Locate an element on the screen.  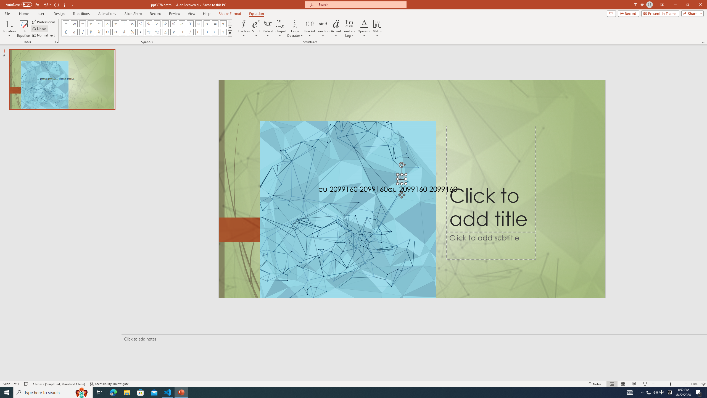
'AutomationID: EquationSymbolsInsertGallery' is located at coordinates (146, 28).